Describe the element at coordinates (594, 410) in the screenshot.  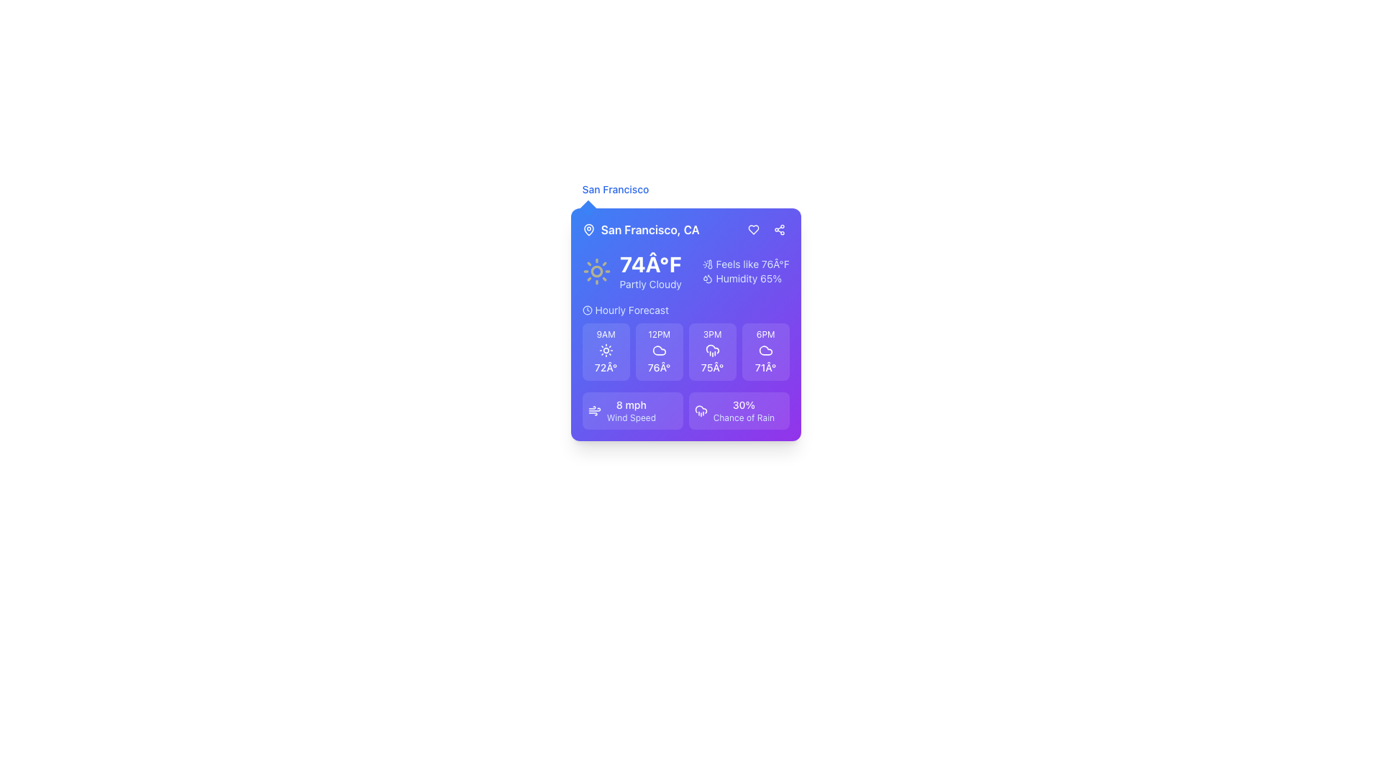
I see `the middle curved component of the wind icon within the weather information card, located near the 'Wind Speed' label` at that location.